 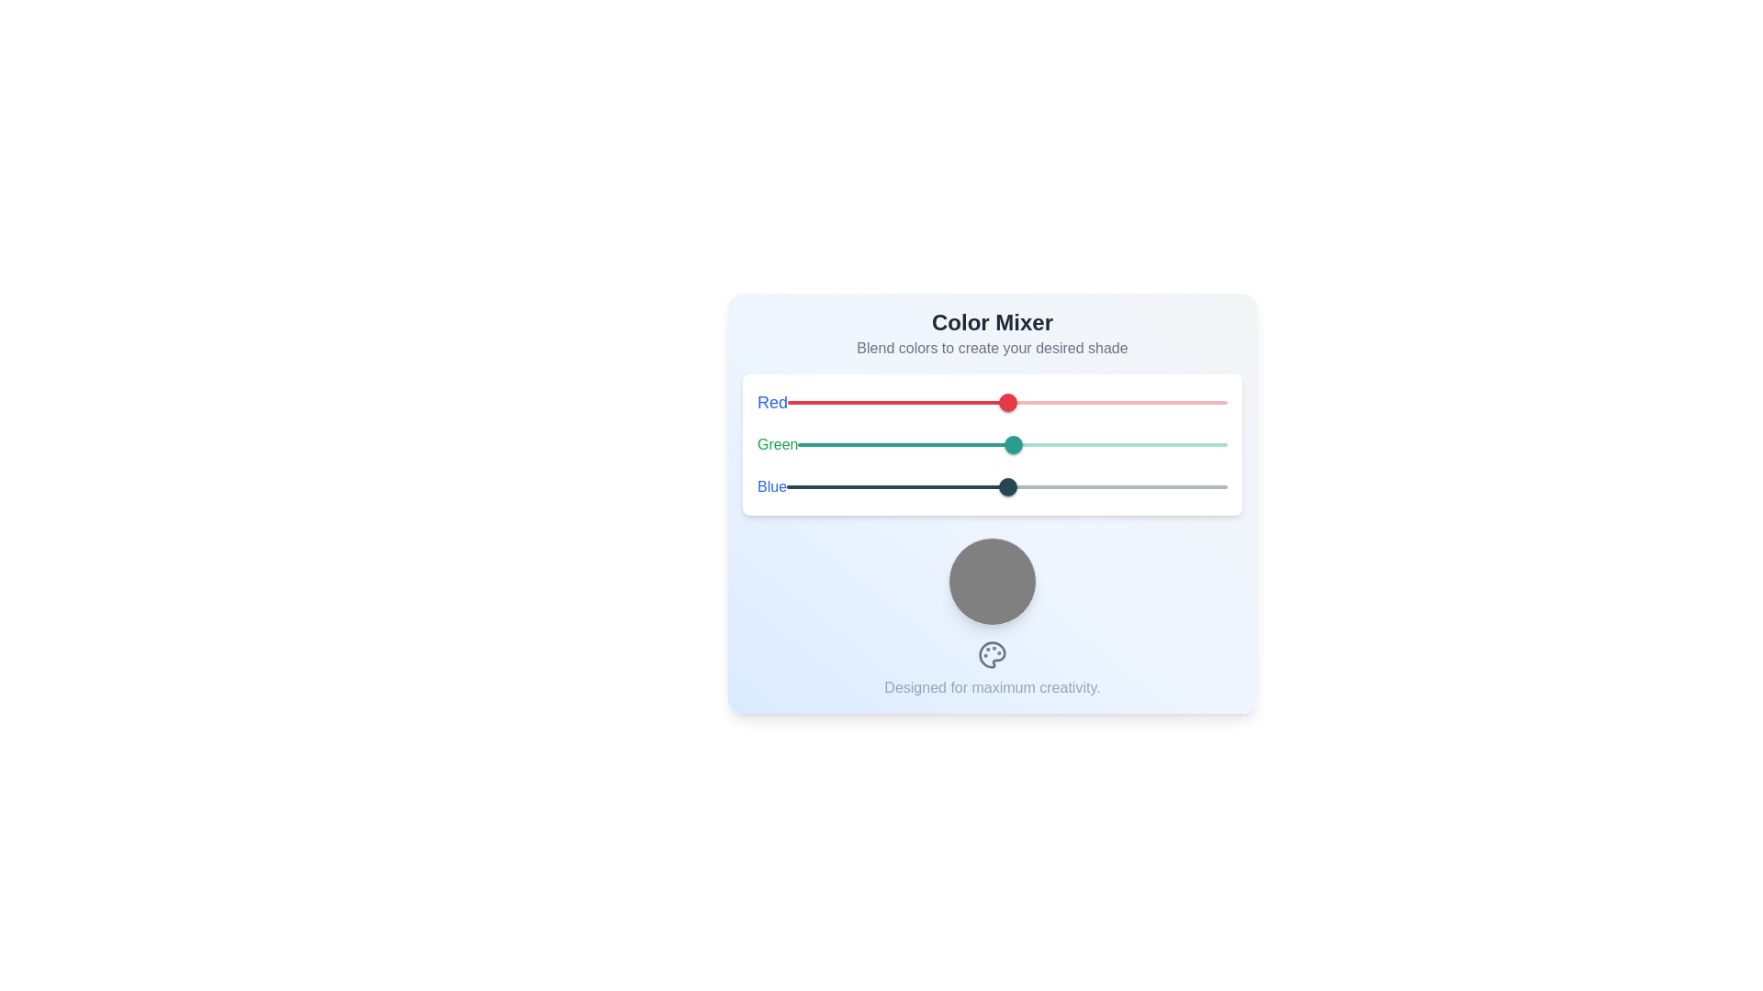 What do you see at coordinates (991, 321) in the screenshot?
I see `the prominent static text element labeled 'Color Mixer' located at the top of the interface` at bounding box center [991, 321].